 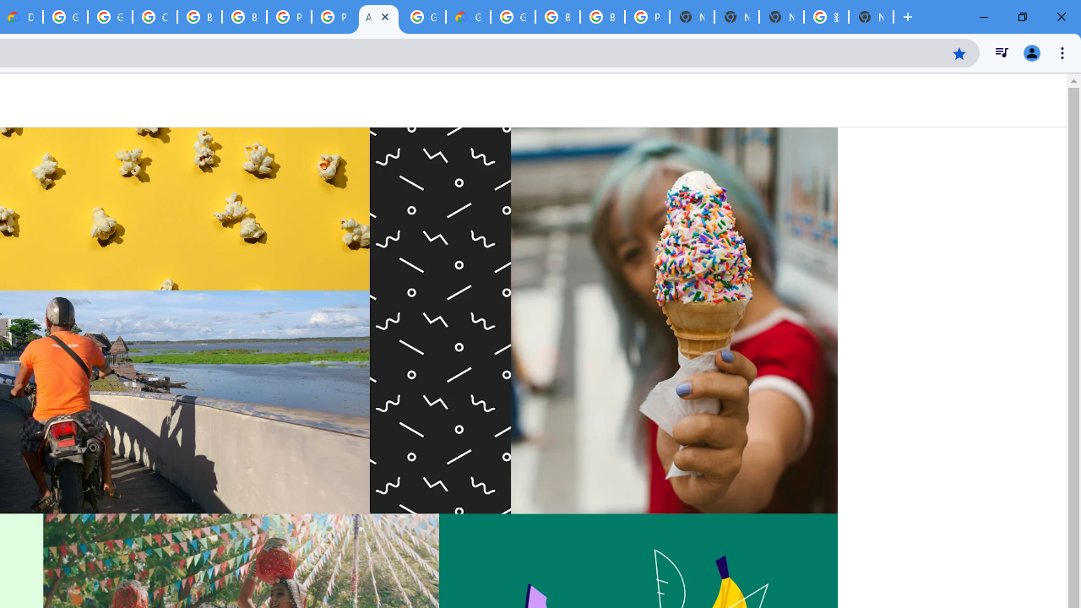 I want to click on 'About YouTube - YouTube', so click(x=378, y=17).